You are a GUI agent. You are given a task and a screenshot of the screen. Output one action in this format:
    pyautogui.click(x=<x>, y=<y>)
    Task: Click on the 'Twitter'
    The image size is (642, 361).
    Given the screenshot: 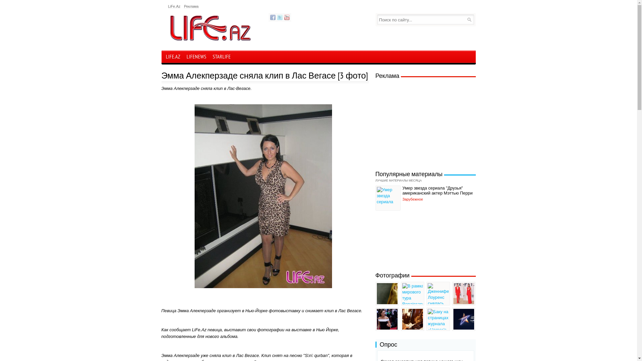 What is the action you would take?
    pyautogui.click(x=279, y=17)
    